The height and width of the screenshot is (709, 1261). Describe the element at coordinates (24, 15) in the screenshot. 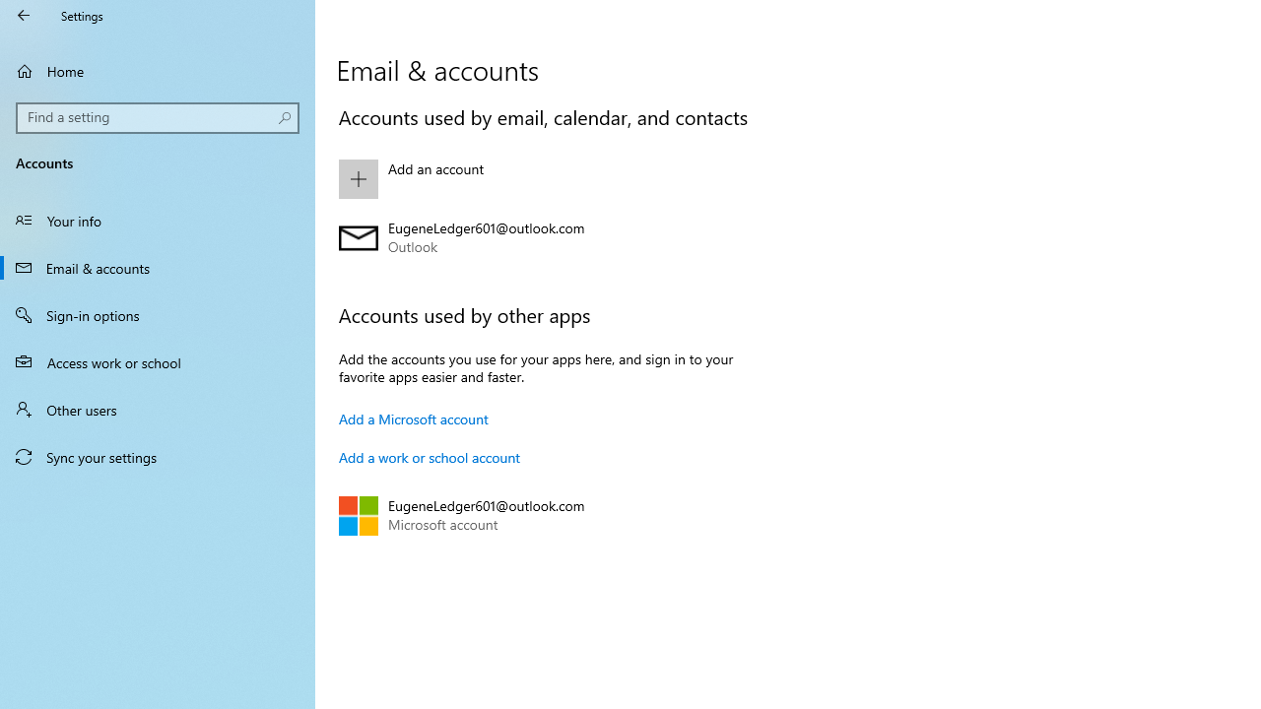

I see `'Back'` at that location.